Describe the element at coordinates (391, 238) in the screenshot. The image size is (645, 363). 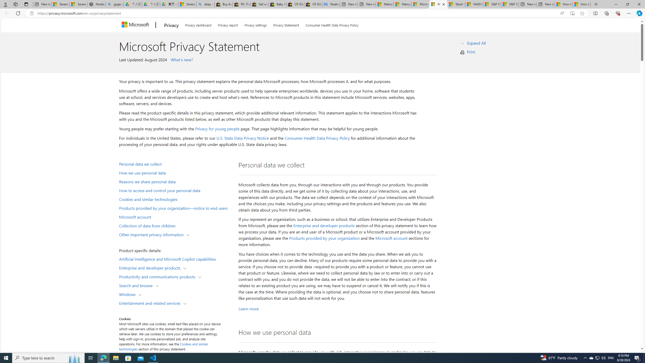
I see `'Microsoft account'` at that location.